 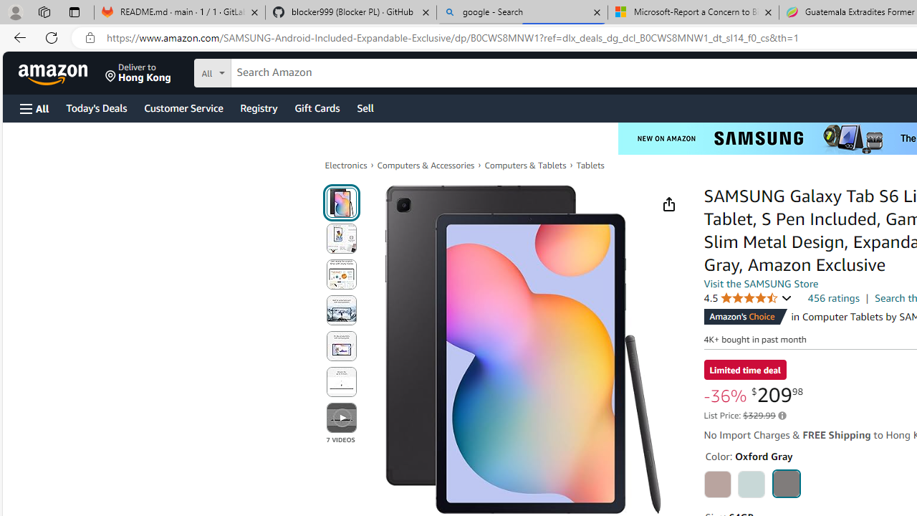 What do you see at coordinates (590, 164) in the screenshot?
I see `'Tablets'` at bounding box center [590, 164].